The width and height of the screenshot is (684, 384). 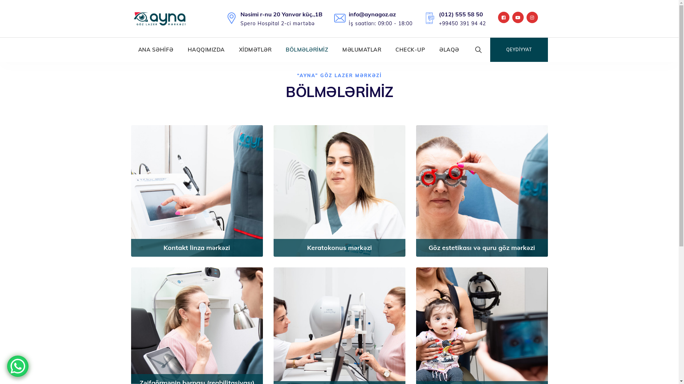 I want to click on 'CHECK-UP', so click(x=410, y=49).